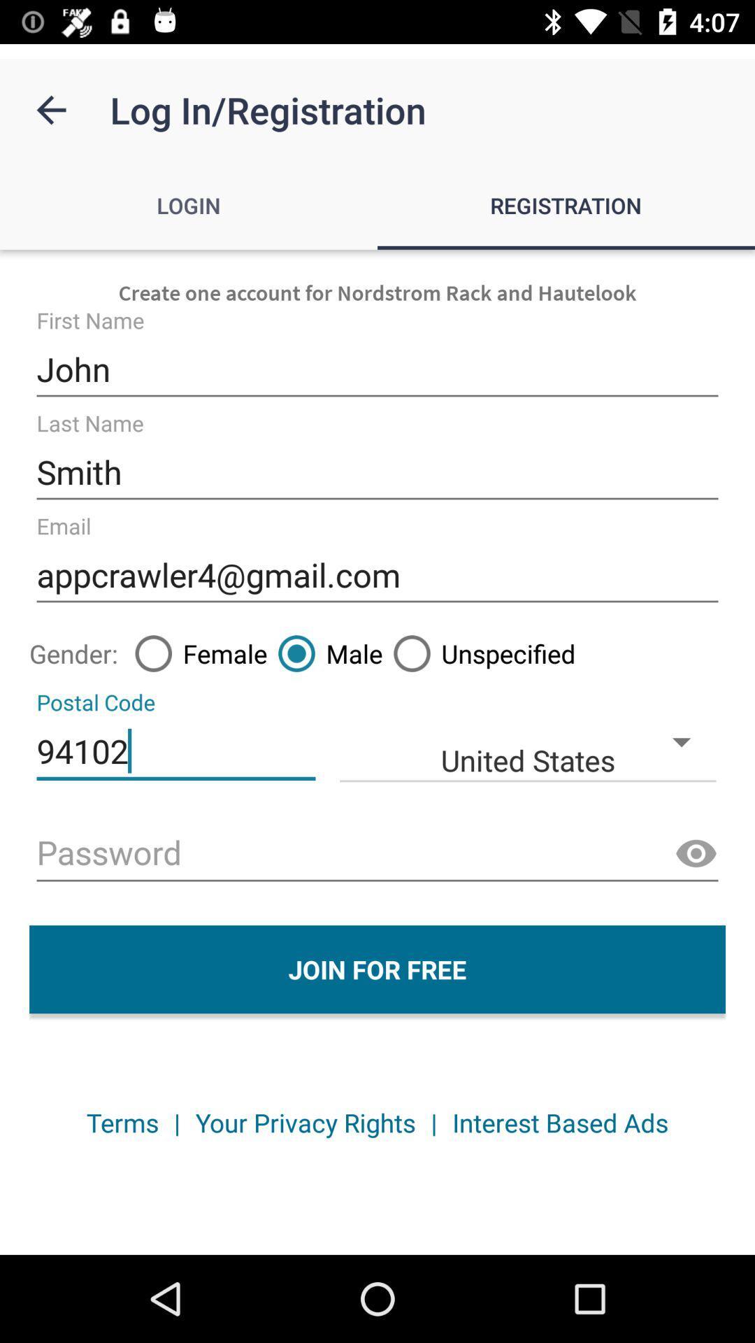 This screenshot has width=755, height=1343. Describe the element at coordinates (377, 853) in the screenshot. I see `password field` at that location.